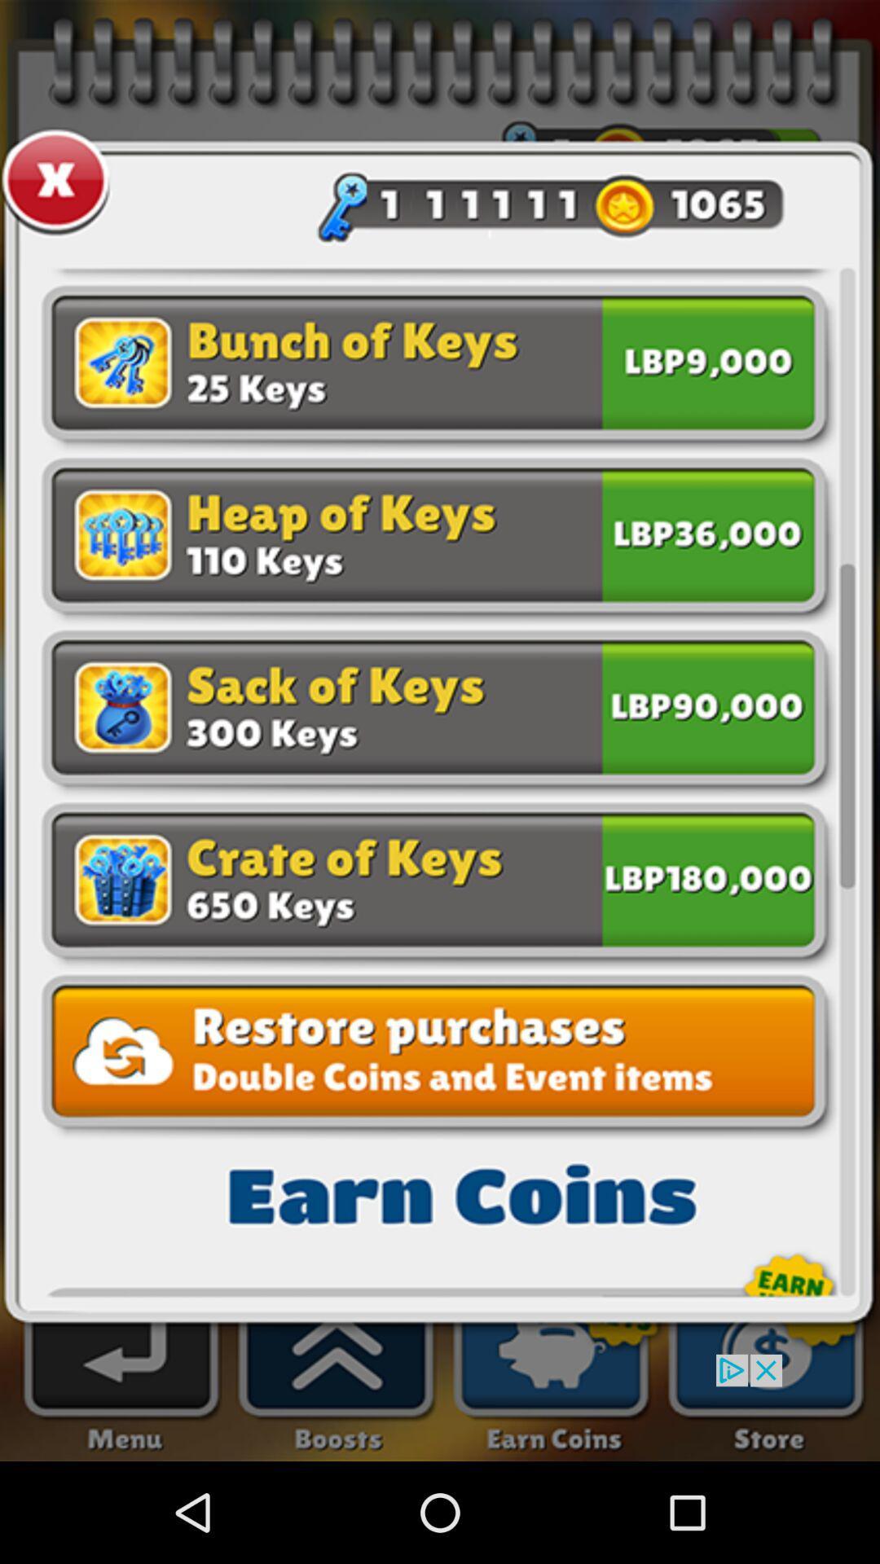 The width and height of the screenshot is (880, 1564). Describe the element at coordinates (707, 876) in the screenshot. I see `buy item` at that location.